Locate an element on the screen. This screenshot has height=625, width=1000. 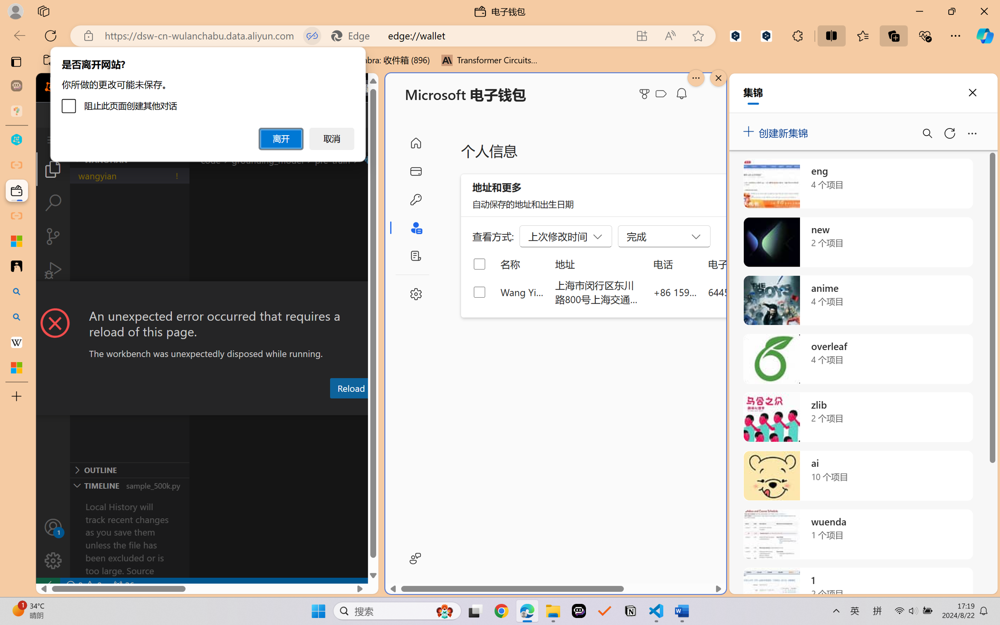
'Adjust indents and spacing - Microsoft Support' is located at coordinates (16, 241).